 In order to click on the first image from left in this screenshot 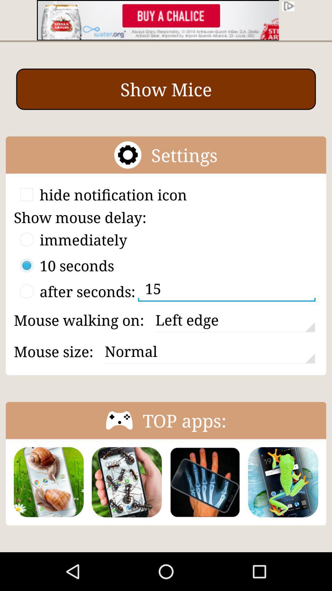, I will do `click(48, 482)`.